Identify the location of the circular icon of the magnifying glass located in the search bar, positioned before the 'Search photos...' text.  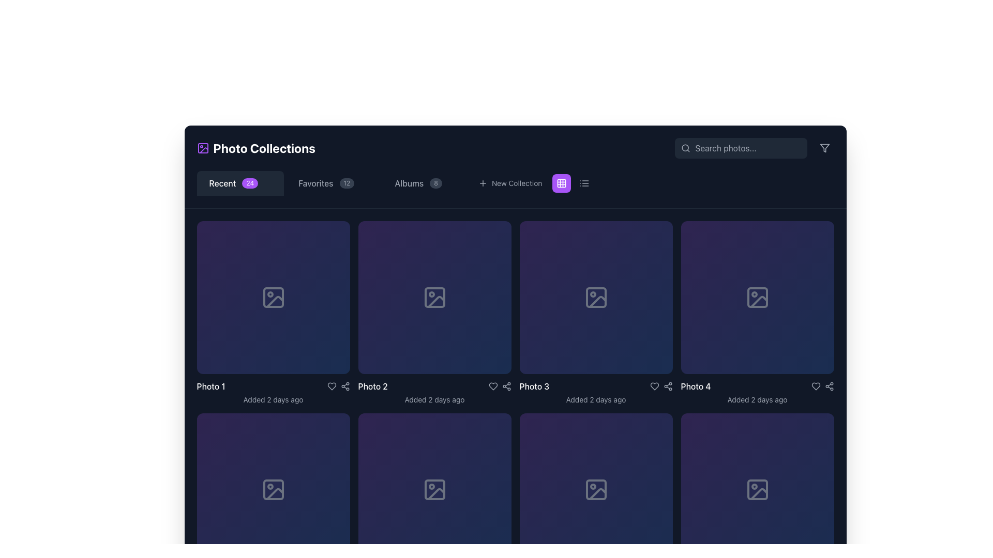
(685, 148).